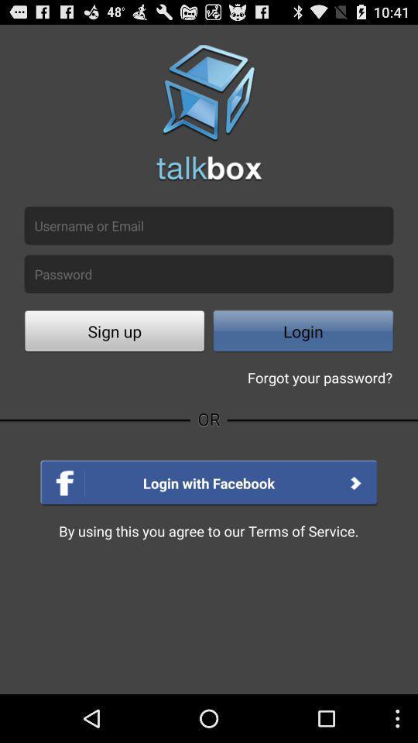 The image size is (418, 743). I want to click on the by using this icon, so click(208, 531).